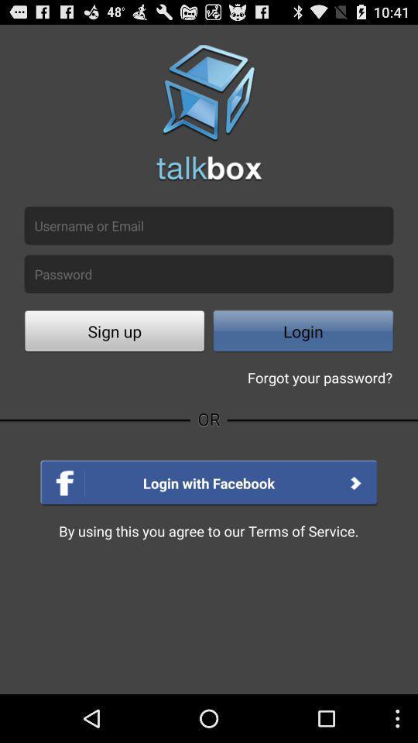 The image size is (418, 743). I want to click on the by using this icon, so click(208, 531).